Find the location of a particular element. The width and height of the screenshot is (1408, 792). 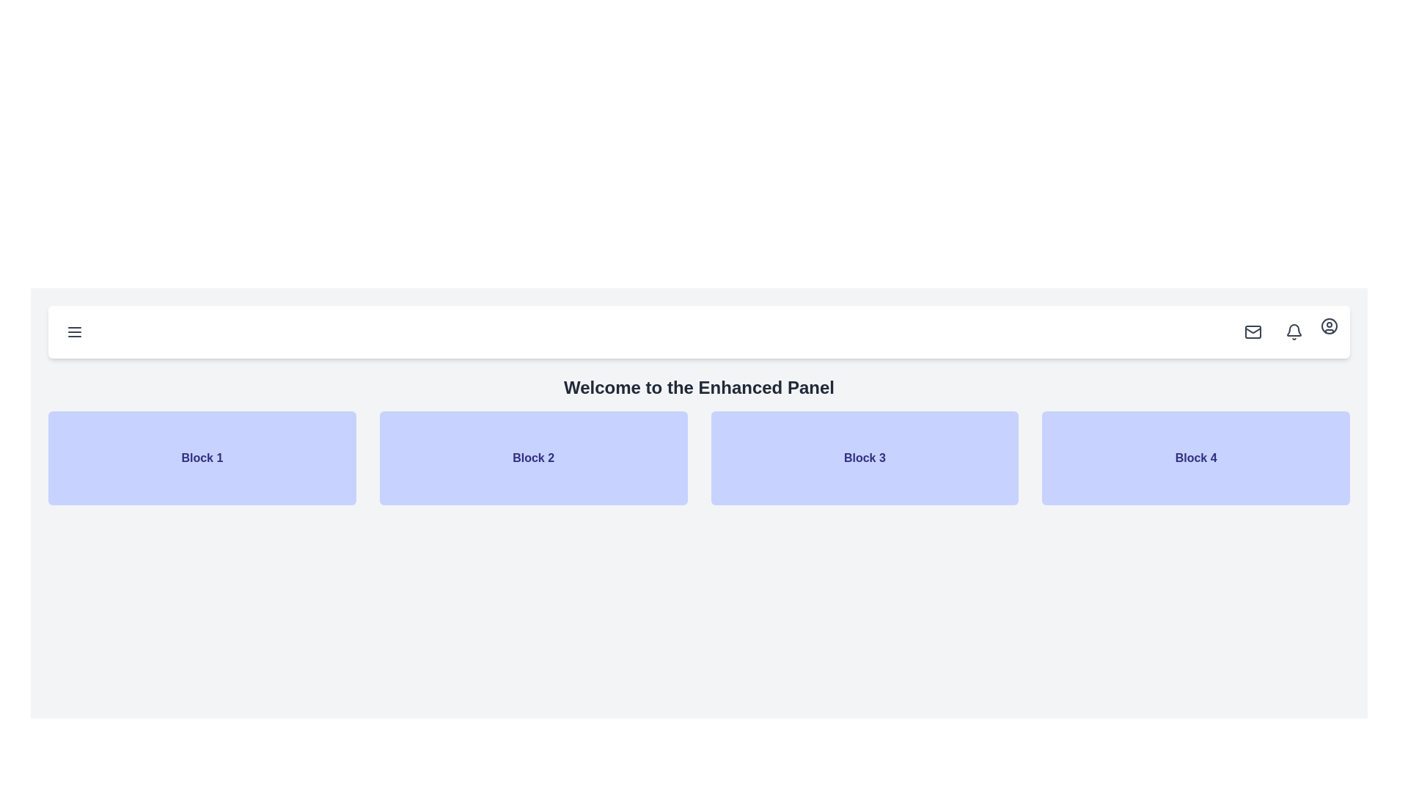

text of the label identifying the third block in the sequence, labeled 'Block 3', located beneath the heading 'Welcome to the Enhanced Panel' is located at coordinates (865, 457).